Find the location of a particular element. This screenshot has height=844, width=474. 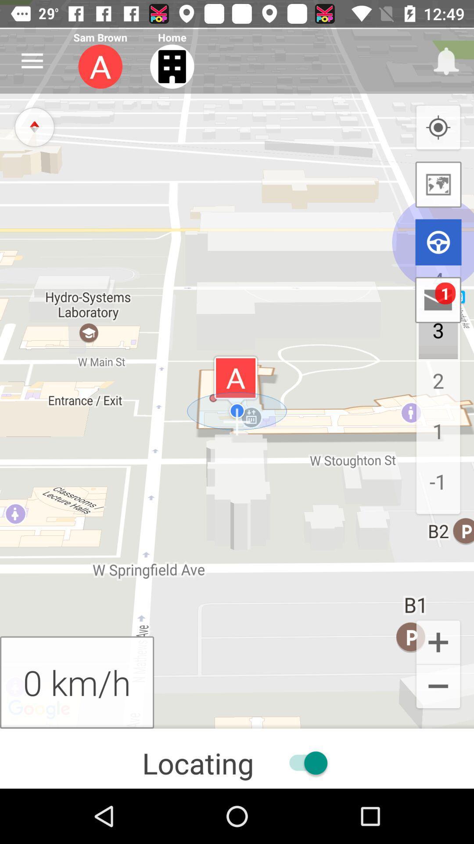

the add icon is located at coordinates (438, 641).